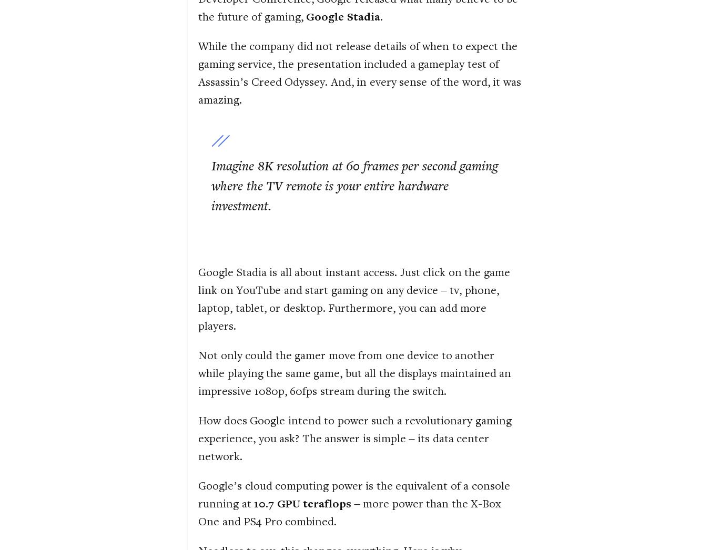  Describe the element at coordinates (359, 72) in the screenshot. I see `'While the company did not release details of when to expect the gaming service, the presentation included a gameplay test of Assassin’s Creed Odyssey. And, in every sense of the word, it was amazing.'` at that location.